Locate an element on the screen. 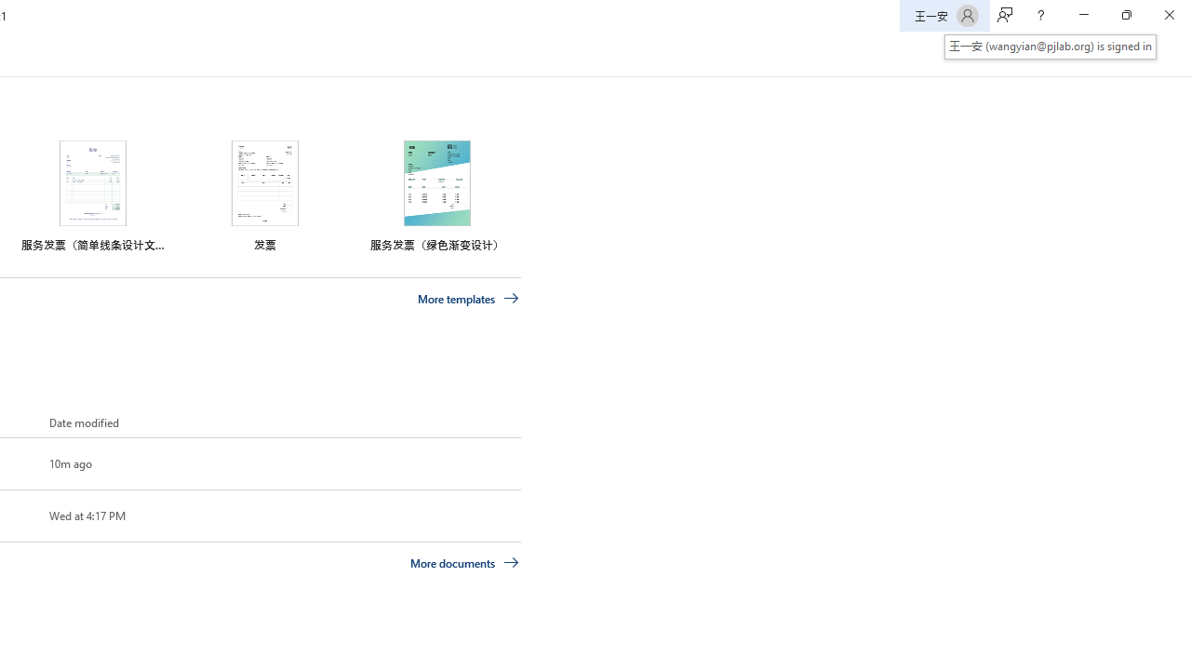 This screenshot has height=670, width=1191. 'More templates' is located at coordinates (468, 298).